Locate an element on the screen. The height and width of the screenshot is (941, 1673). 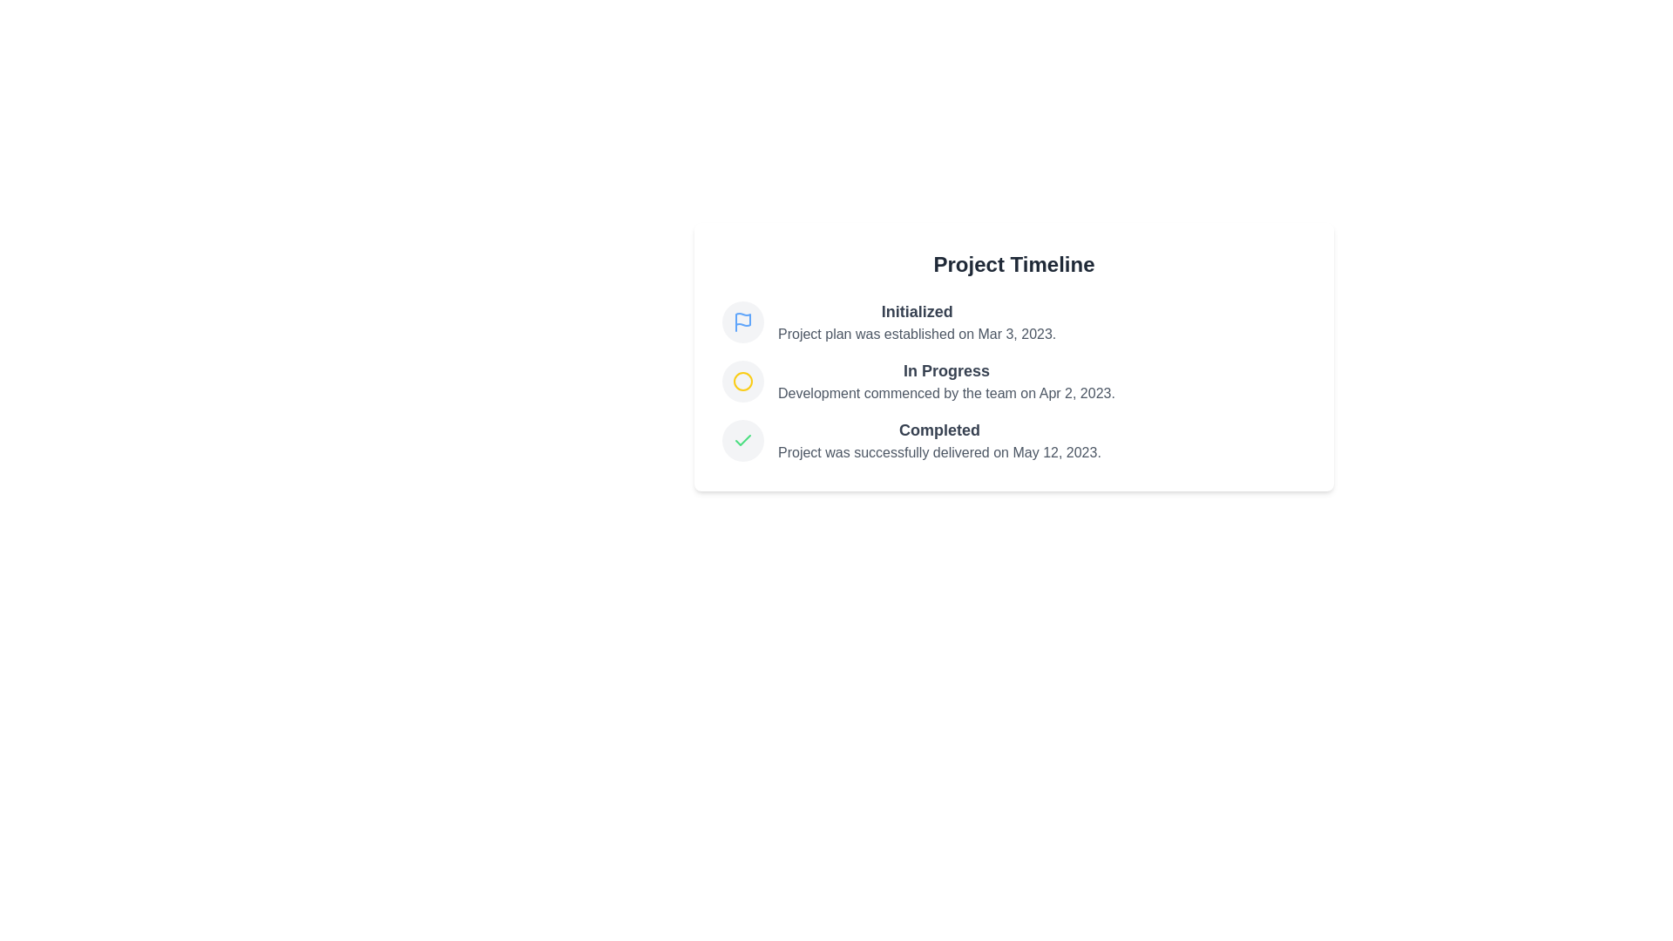
the checkmark icon indicating the 'Completed' state in the third row of the 'Project Timeline' section to visually represent task completion is located at coordinates (743, 439).